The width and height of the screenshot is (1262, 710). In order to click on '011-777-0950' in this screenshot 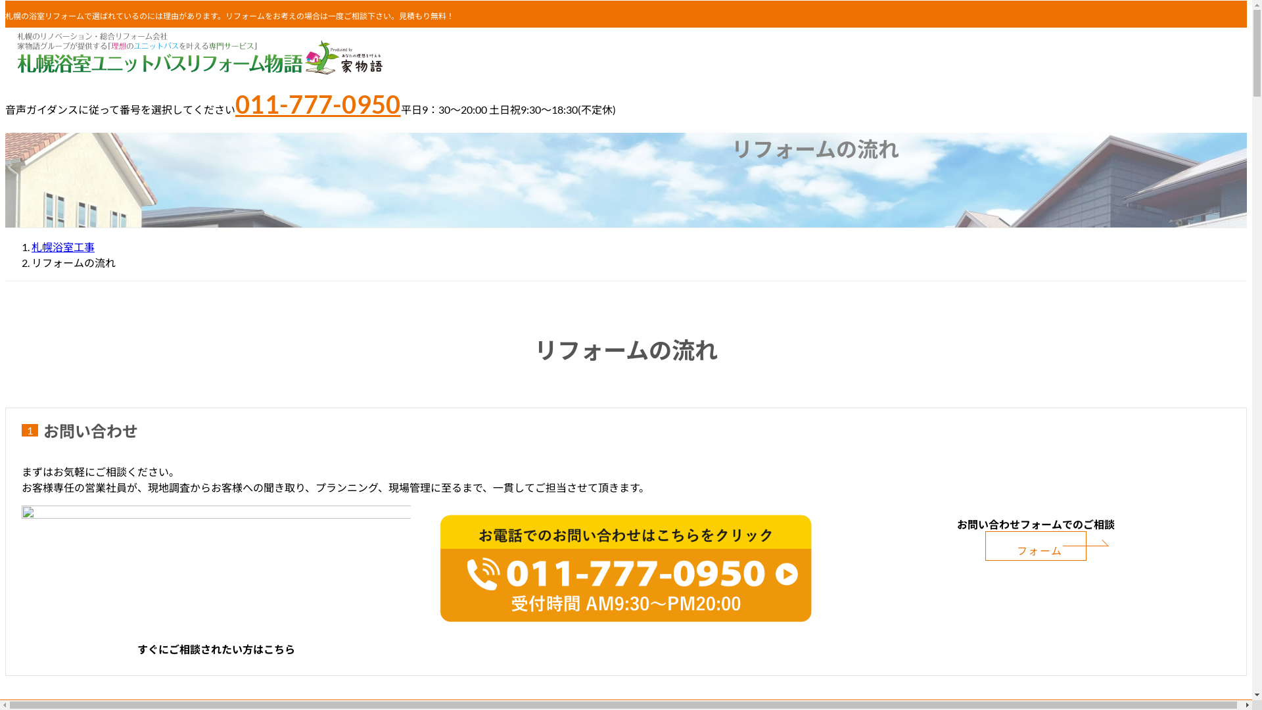, I will do `click(318, 103)`.